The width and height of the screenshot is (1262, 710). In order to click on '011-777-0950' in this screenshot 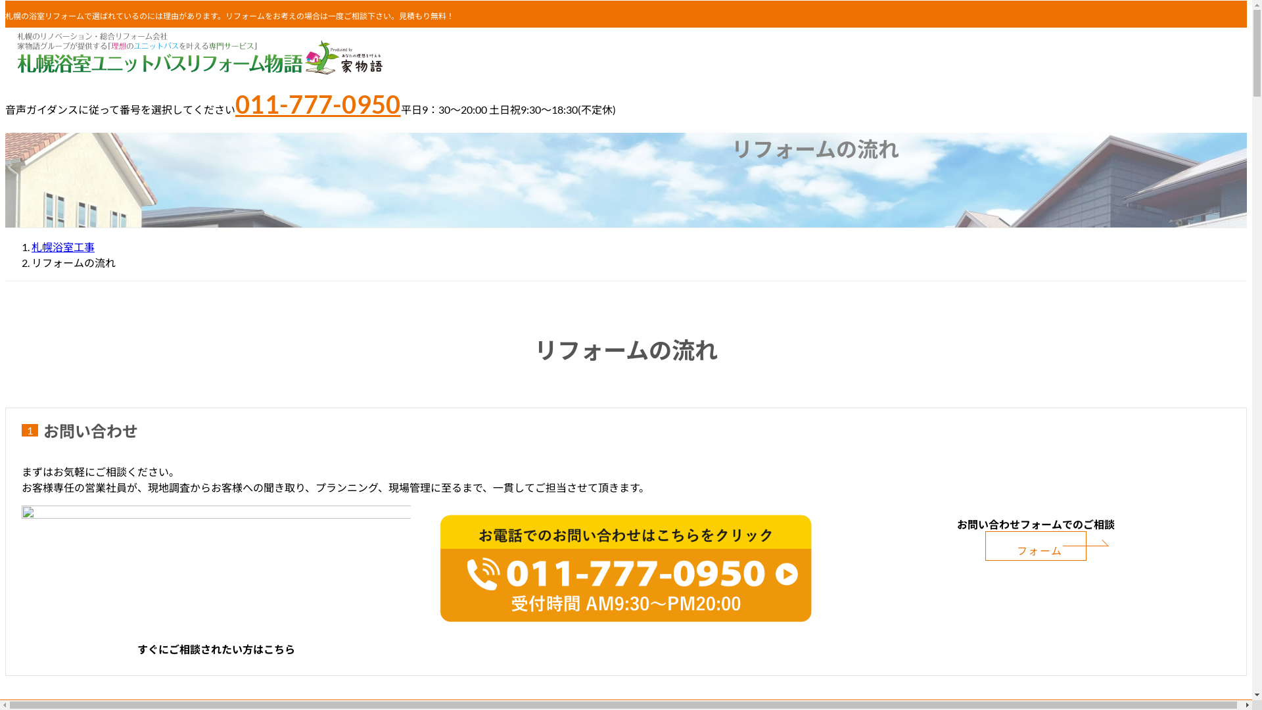, I will do `click(318, 103)`.